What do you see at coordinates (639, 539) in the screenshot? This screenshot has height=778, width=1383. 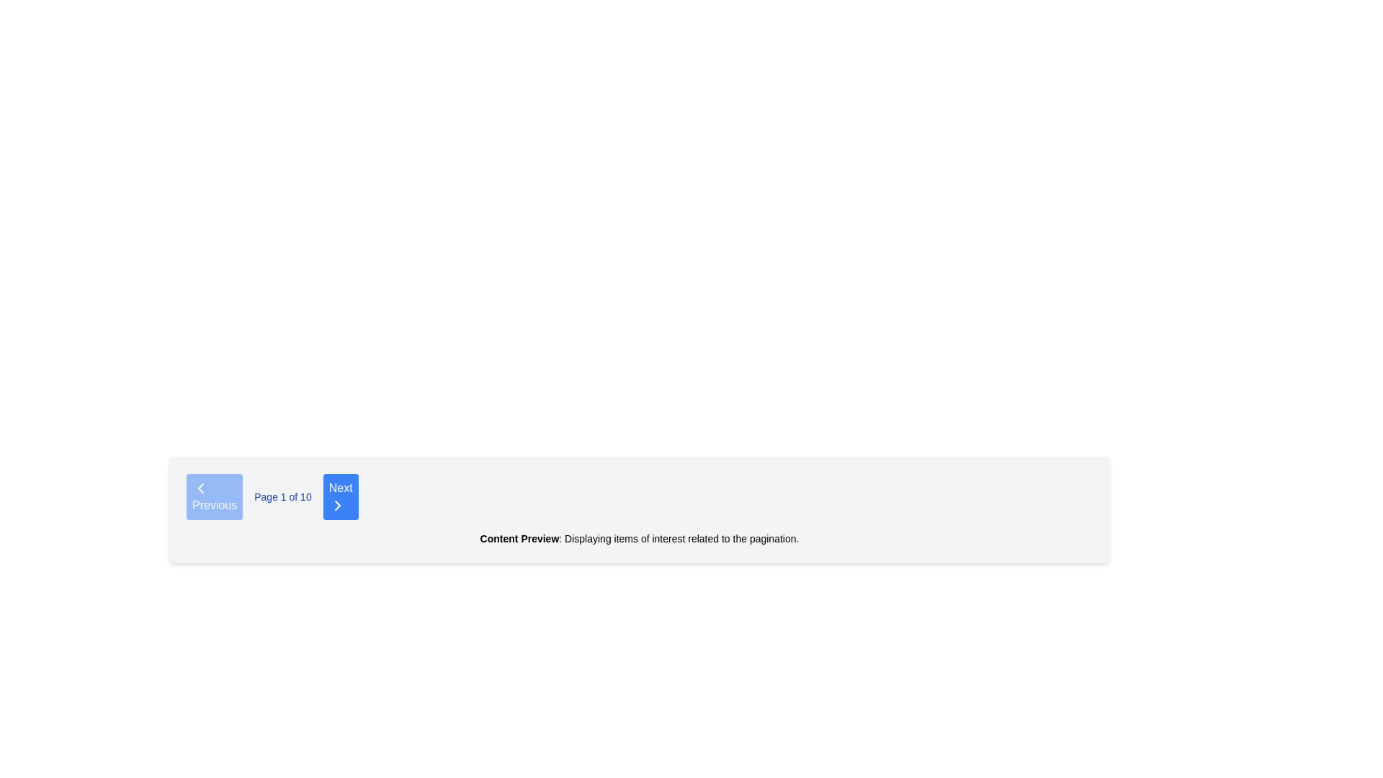 I see `the informational Text Label located directly below the pagination controls, centered horizontally within a light gray box` at bounding box center [639, 539].